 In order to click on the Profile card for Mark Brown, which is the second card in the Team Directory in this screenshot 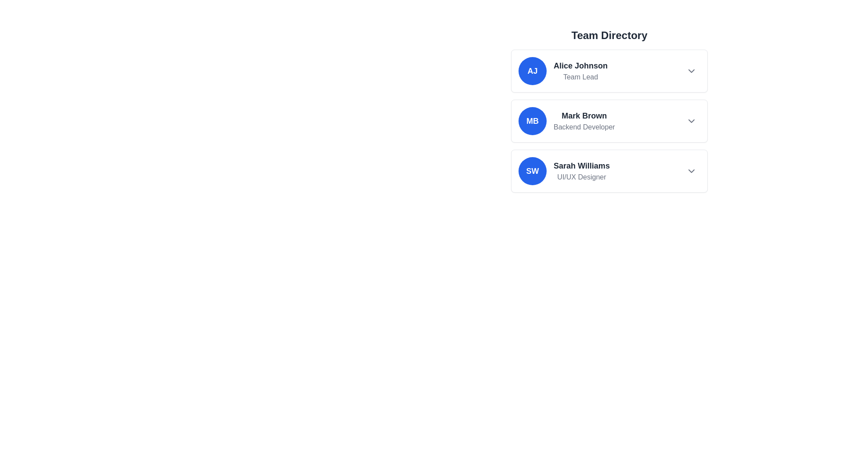, I will do `click(609, 121)`.